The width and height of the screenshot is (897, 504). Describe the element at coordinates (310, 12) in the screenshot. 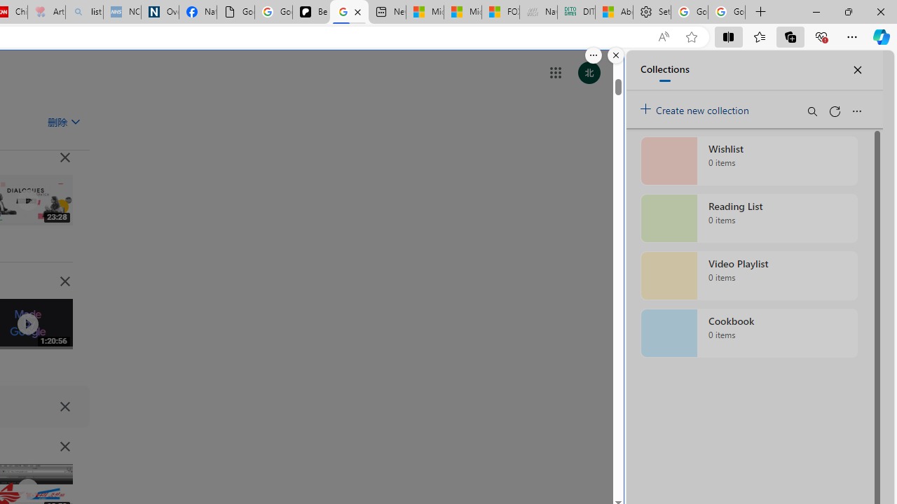

I see `'Be Smart | creating Science videos | Patreon'` at that location.